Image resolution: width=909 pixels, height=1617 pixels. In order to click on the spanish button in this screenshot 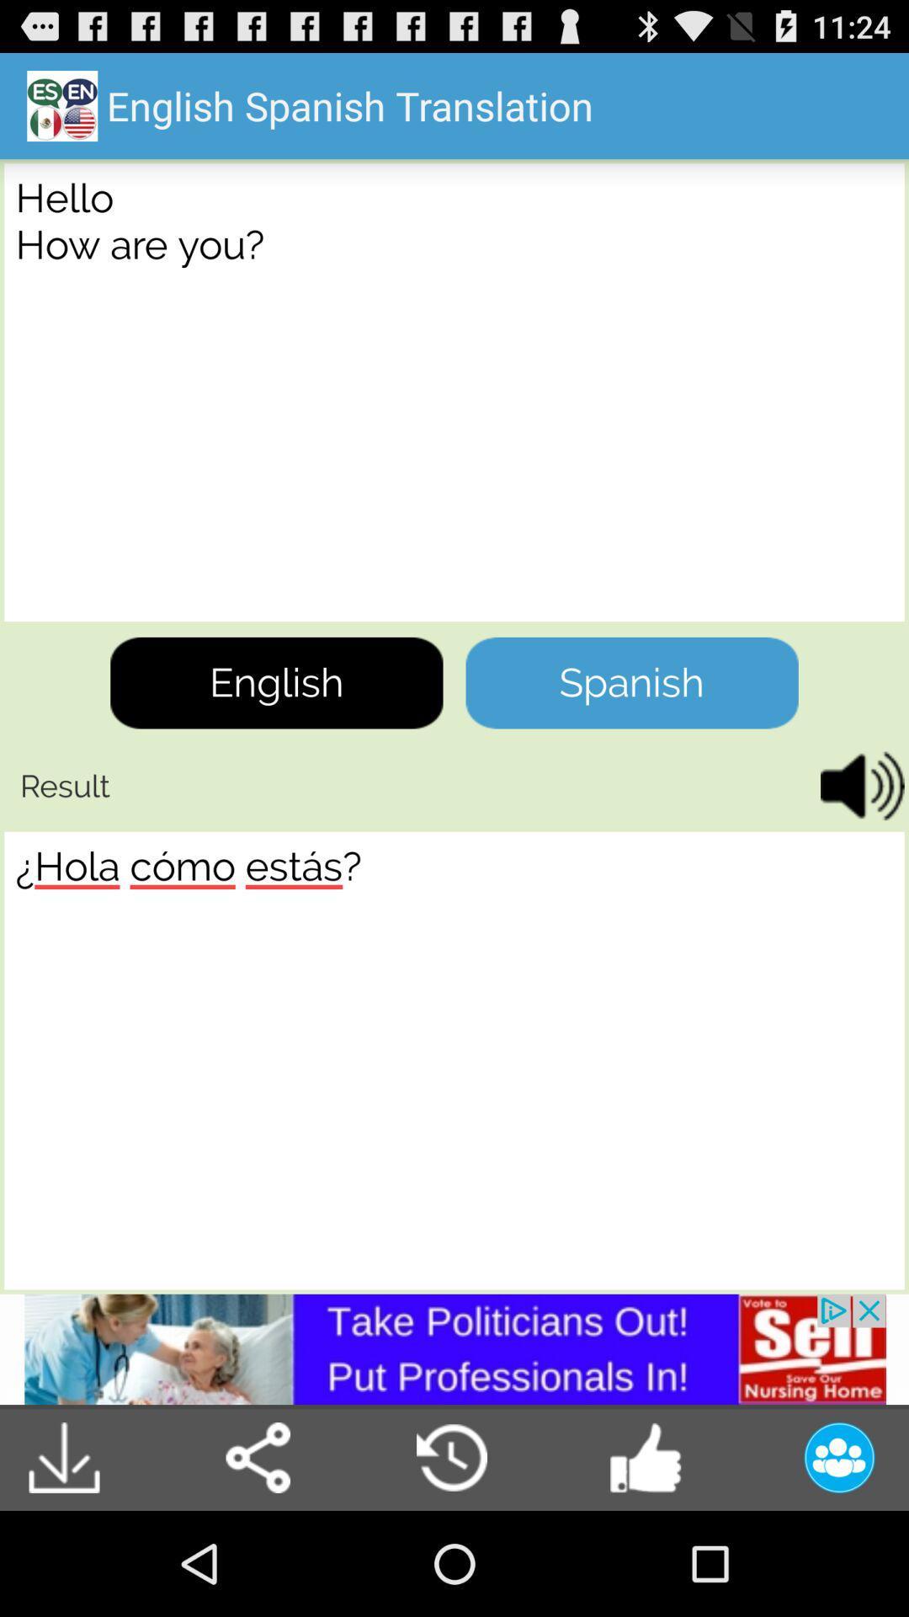, I will do `click(632, 683)`.